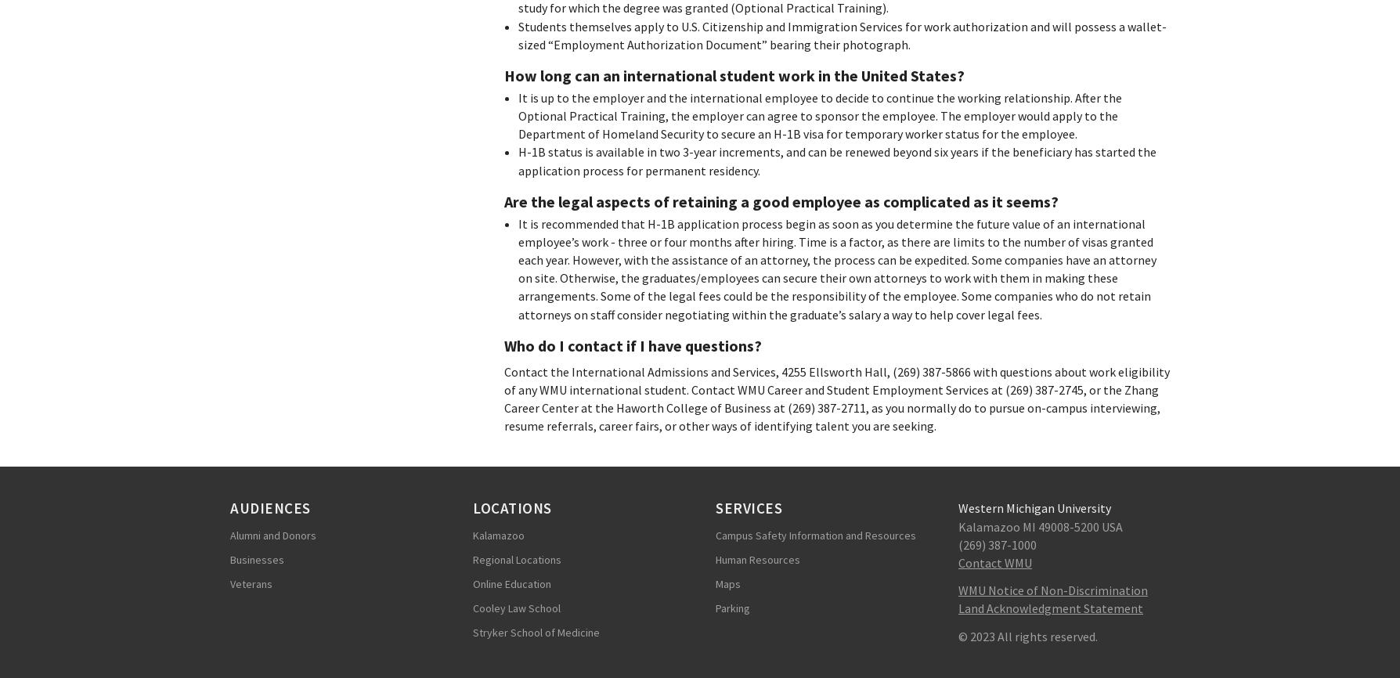 Image resolution: width=1400 pixels, height=678 pixels. Describe the element at coordinates (1051, 607) in the screenshot. I see `'Land Acknowledgment Statement'` at that location.